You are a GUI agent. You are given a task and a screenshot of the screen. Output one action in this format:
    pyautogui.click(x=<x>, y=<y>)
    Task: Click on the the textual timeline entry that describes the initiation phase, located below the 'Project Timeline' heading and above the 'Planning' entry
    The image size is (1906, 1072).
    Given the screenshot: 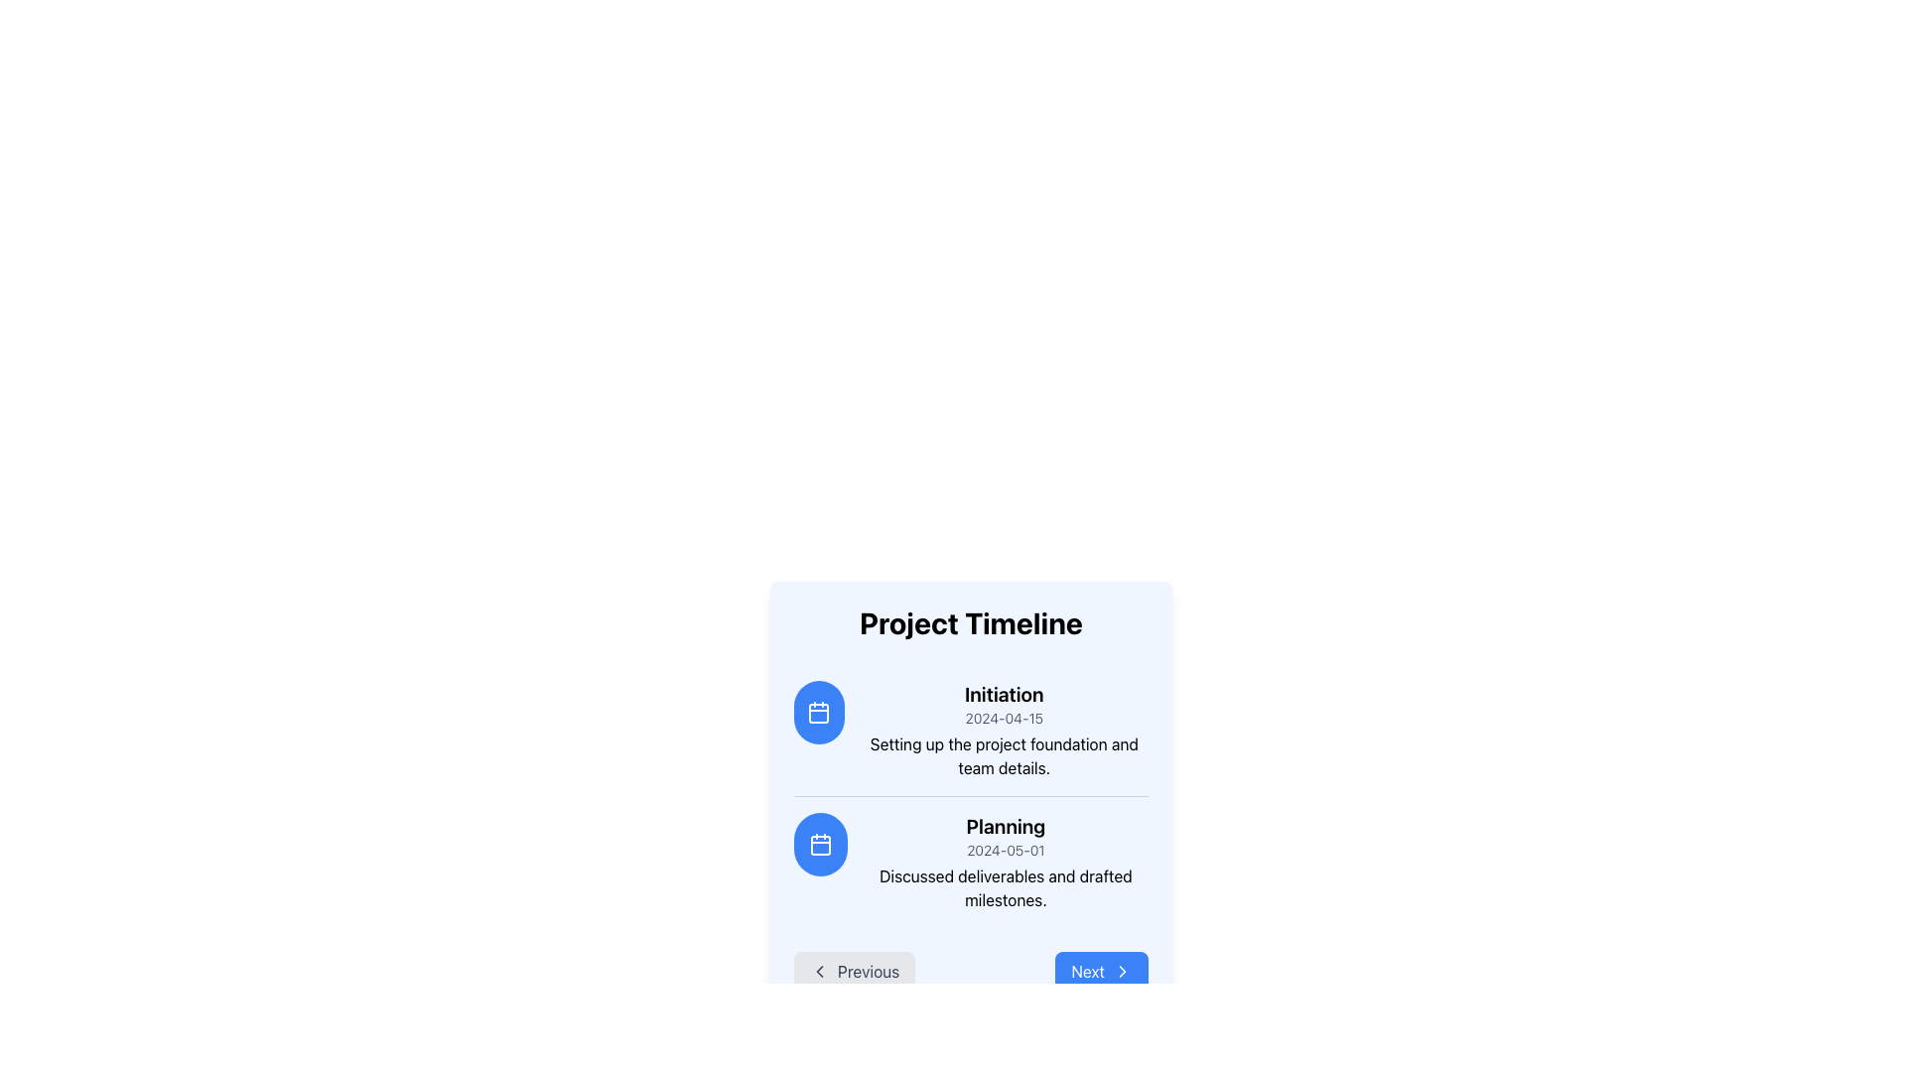 What is the action you would take?
    pyautogui.click(x=1004, y=731)
    